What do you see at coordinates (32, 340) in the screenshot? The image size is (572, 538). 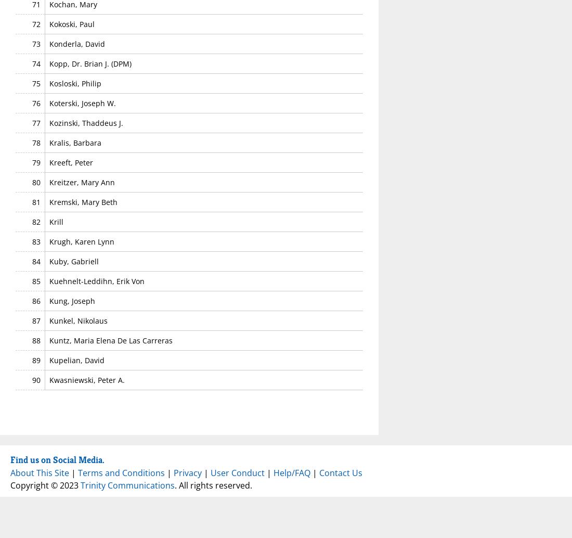 I see `'88'` at bounding box center [32, 340].